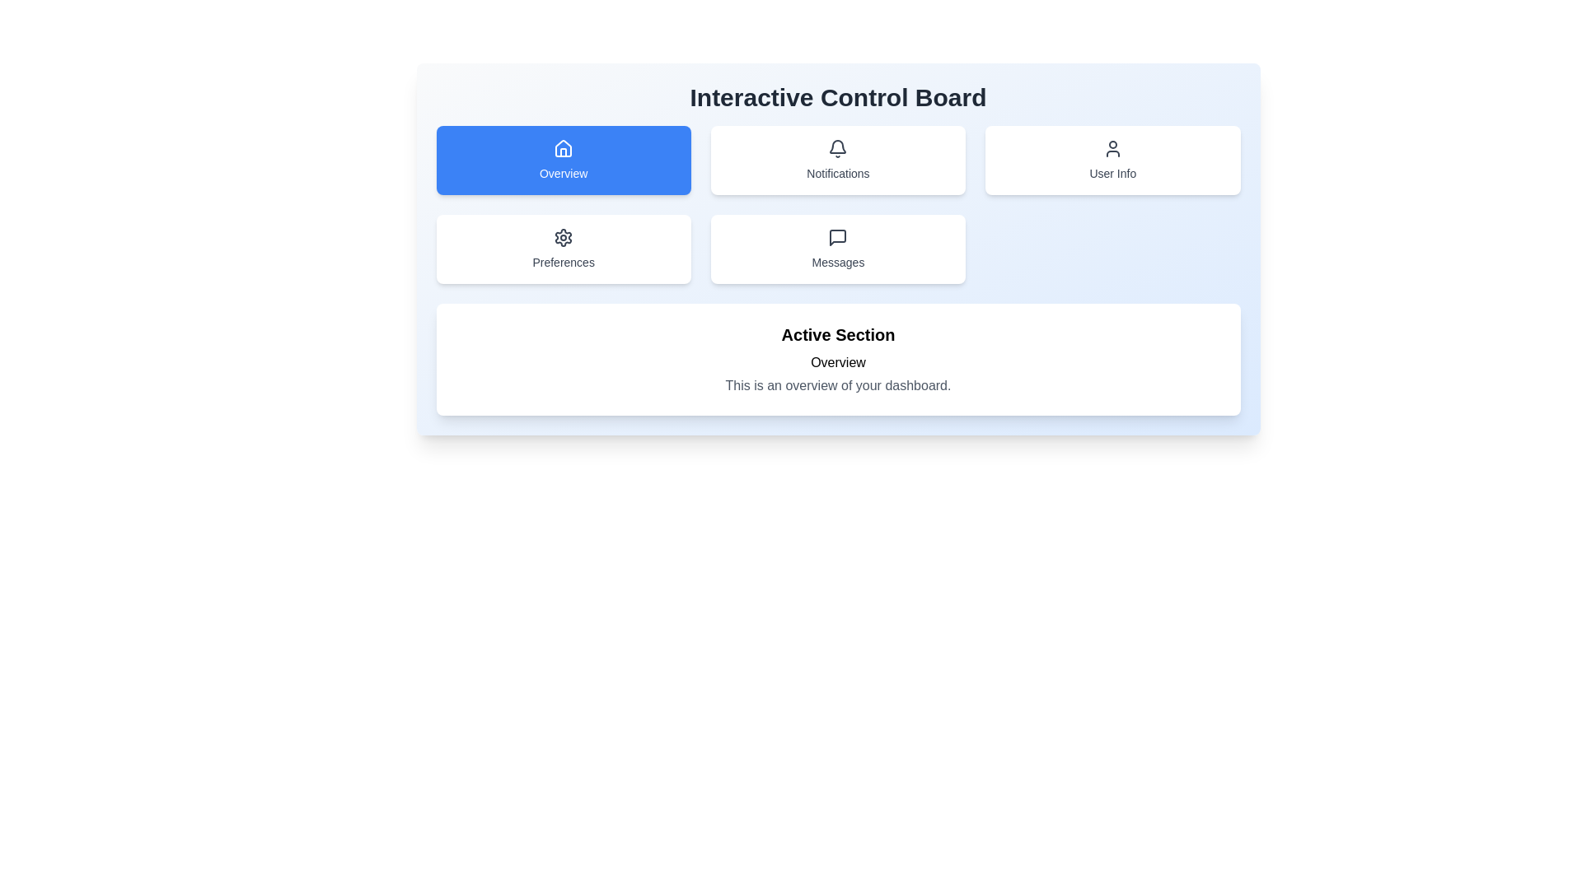  I want to click on the 'Overview' button located at the top-left corner of the grid, so click(564, 161).